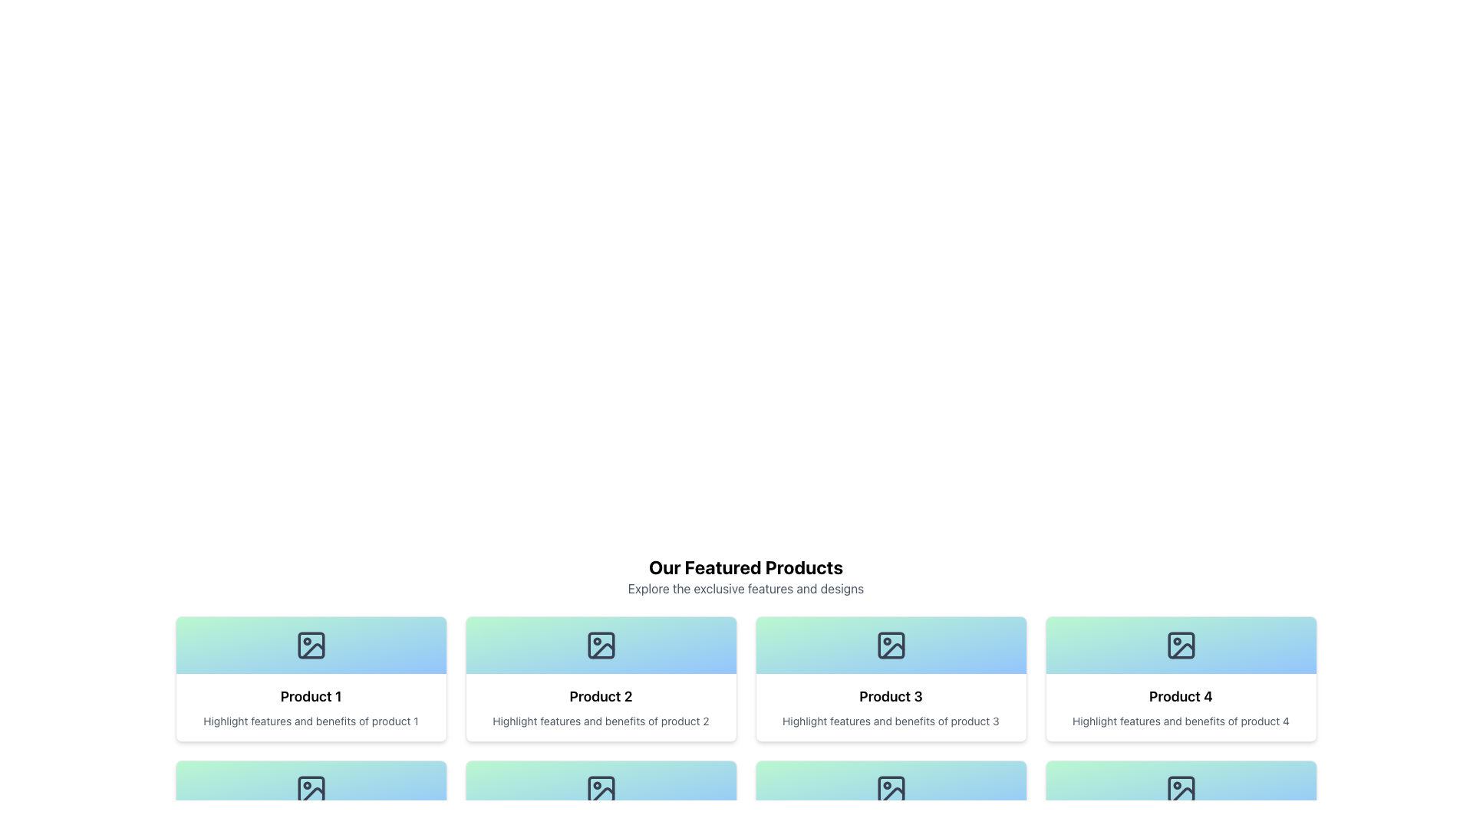 The image size is (1473, 828). I want to click on the SVG icon representing the product image in the top row of the grid layout, specifically within the first card labeled 'Product 1', to interact with it, so click(310, 645).